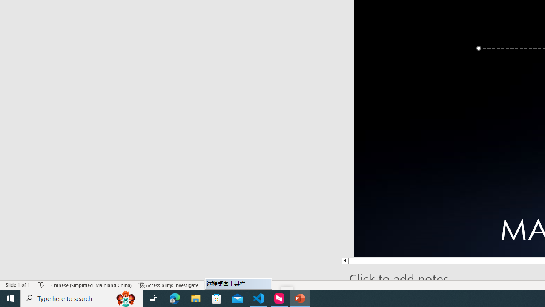 The image size is (545, 307). What do you see at coordinates (175, 298) in the screenshot?
I see `'Microsoft Edge'` at bounding box center [175, 298].